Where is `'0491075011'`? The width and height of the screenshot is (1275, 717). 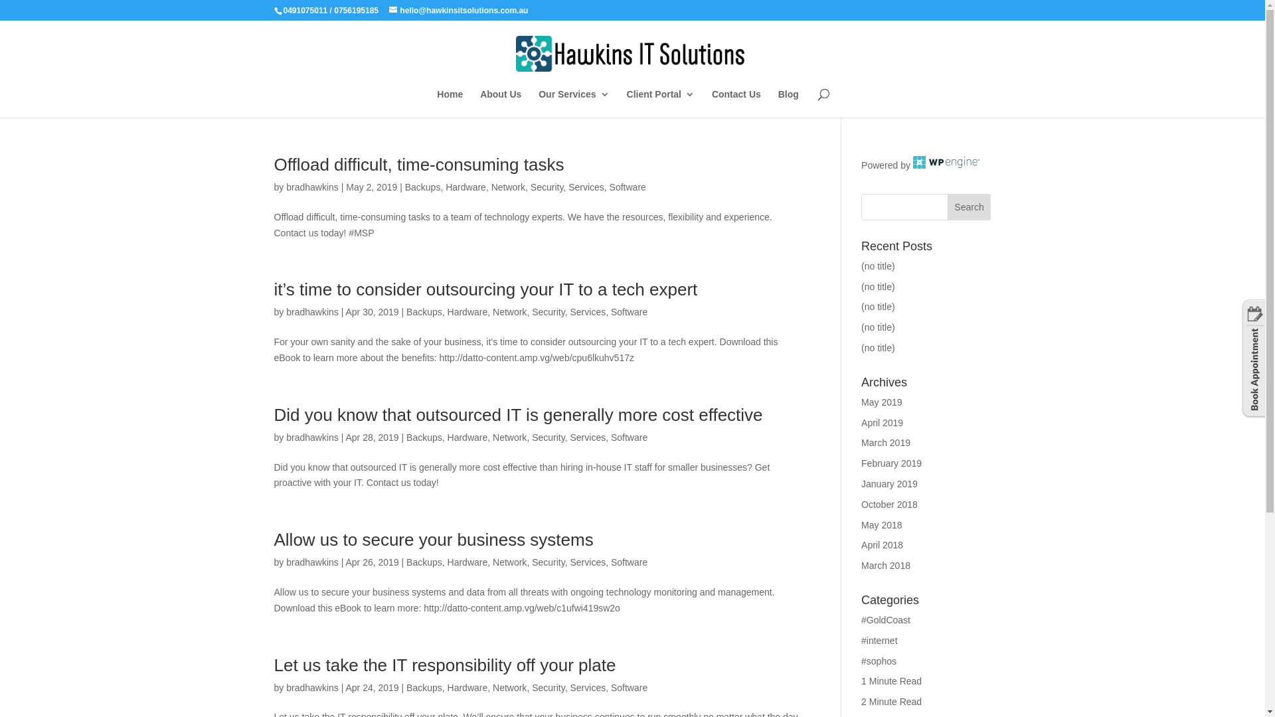 '0491075011' is located at coordinates (304, 10).